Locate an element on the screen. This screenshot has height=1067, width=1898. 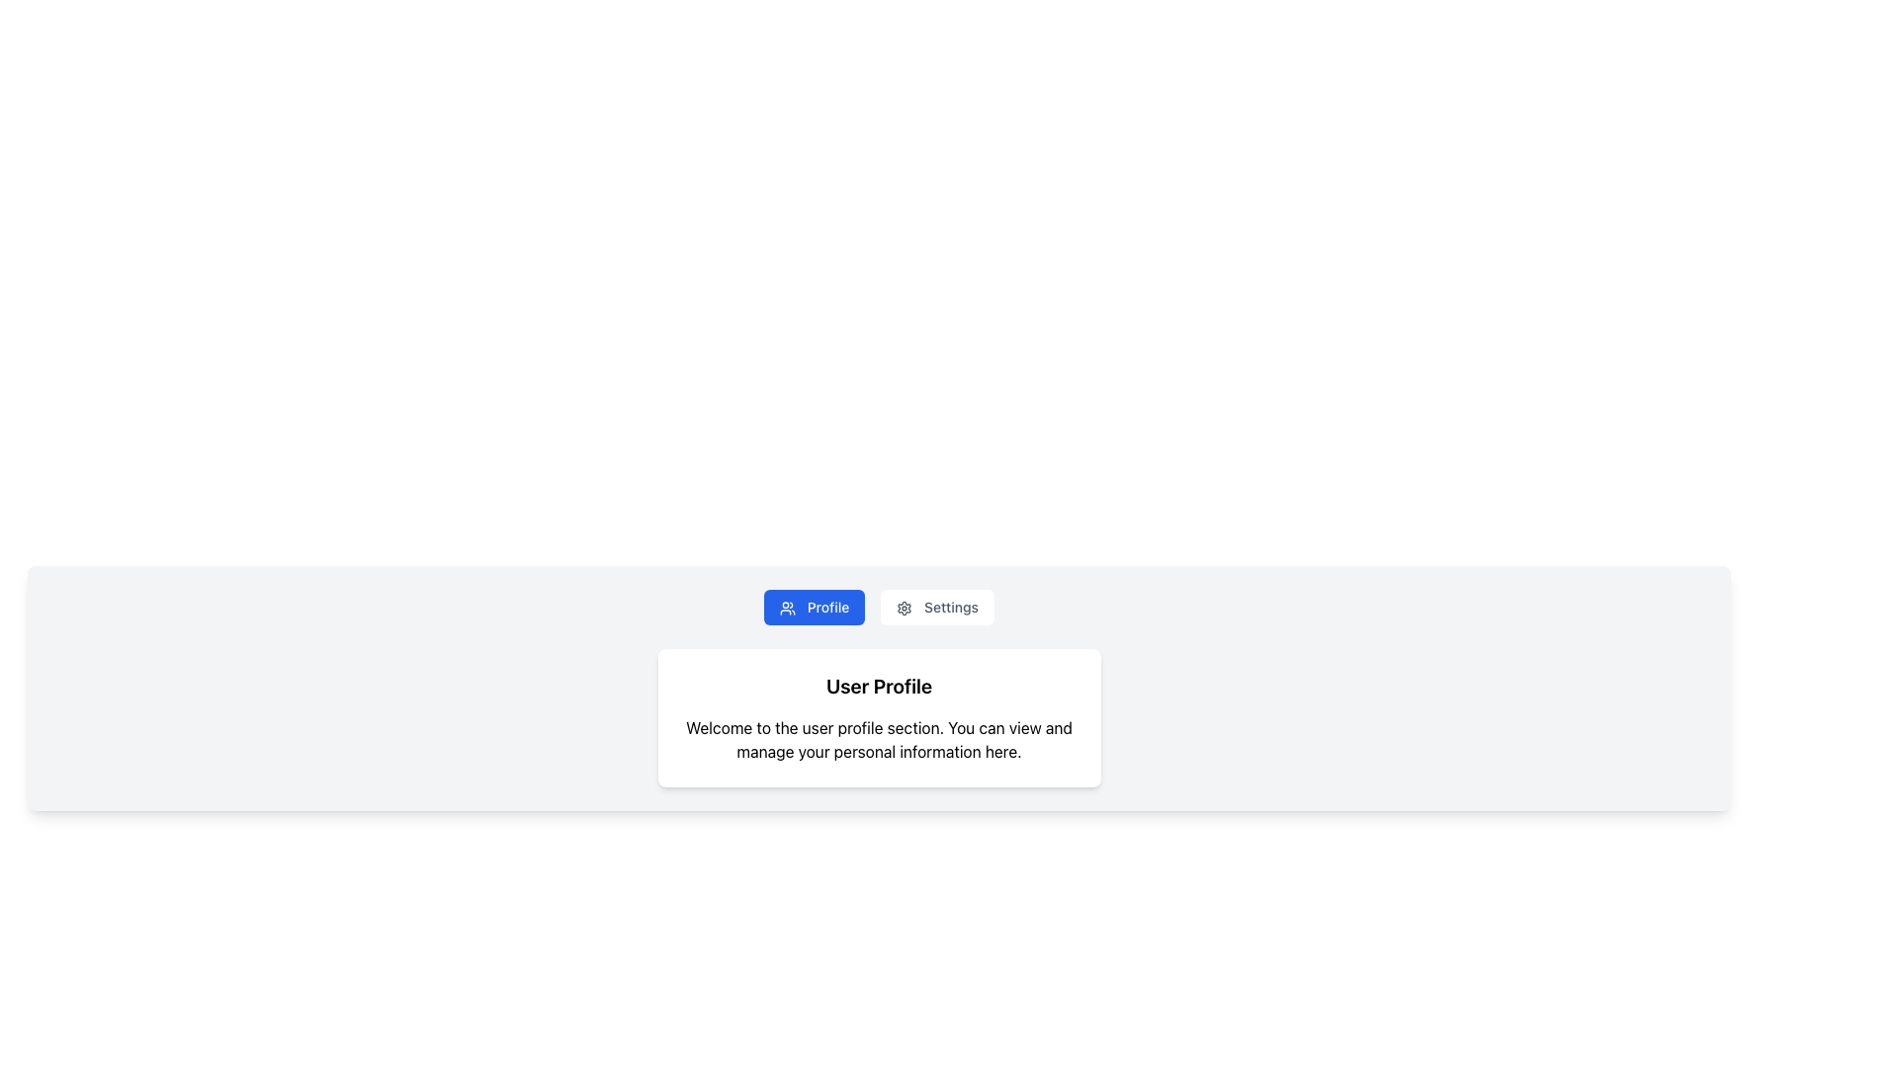
the 'Profile' button, which is the first button from the left in the horizontal layout is located at coordinates (815, 606).